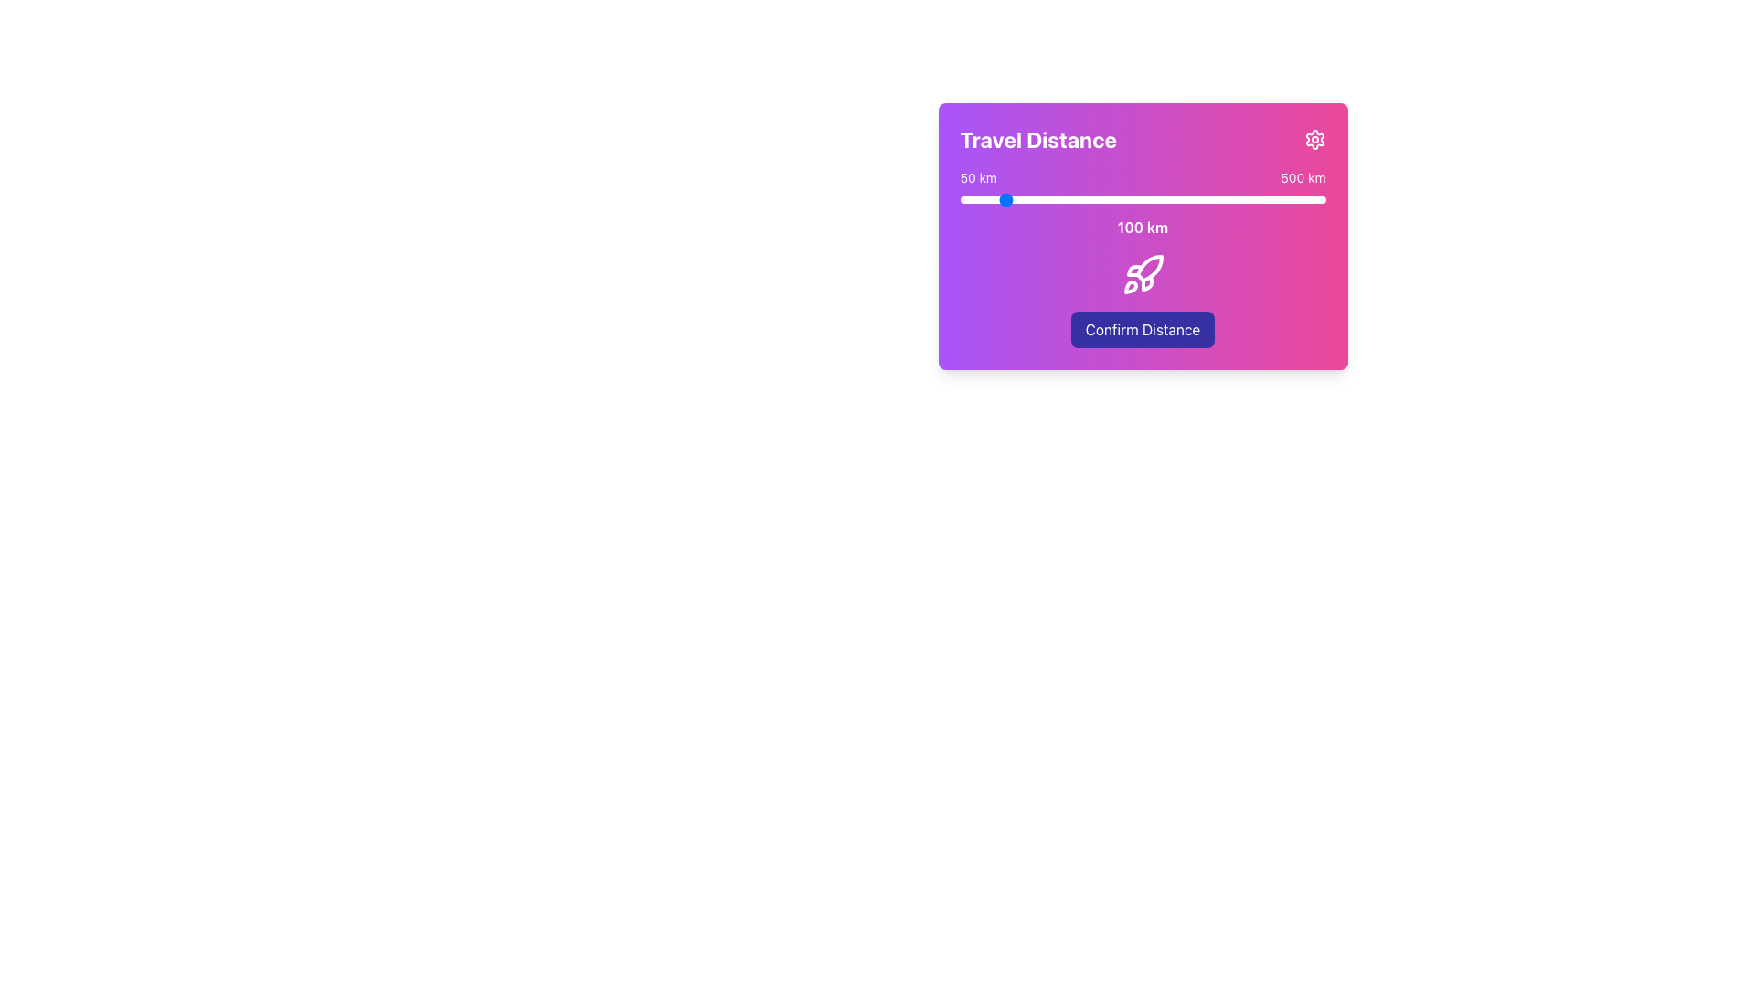 This screenshot has height=987, width=1755. What do you see at coordinates (1178, 200) in the screenshot?
I see `the travel distance` at bounding box center [1178, 200].